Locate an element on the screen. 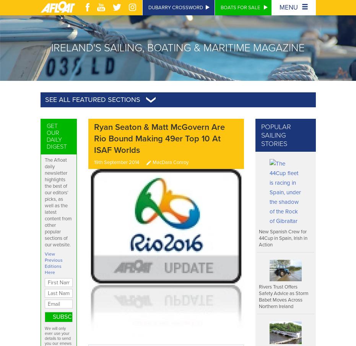 The image size is (356, 346). 'Get Our Daily Digest' is located at coordinates (56, 136).